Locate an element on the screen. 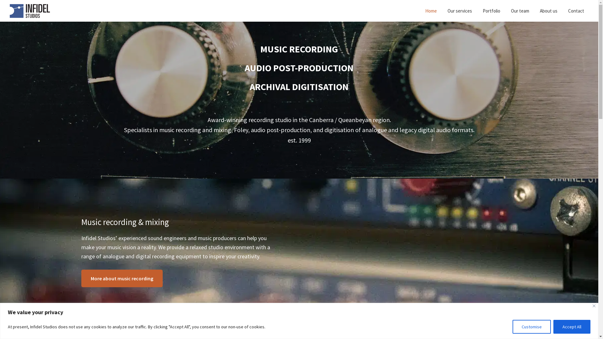  'About us' is located at coordinates (548, 11).